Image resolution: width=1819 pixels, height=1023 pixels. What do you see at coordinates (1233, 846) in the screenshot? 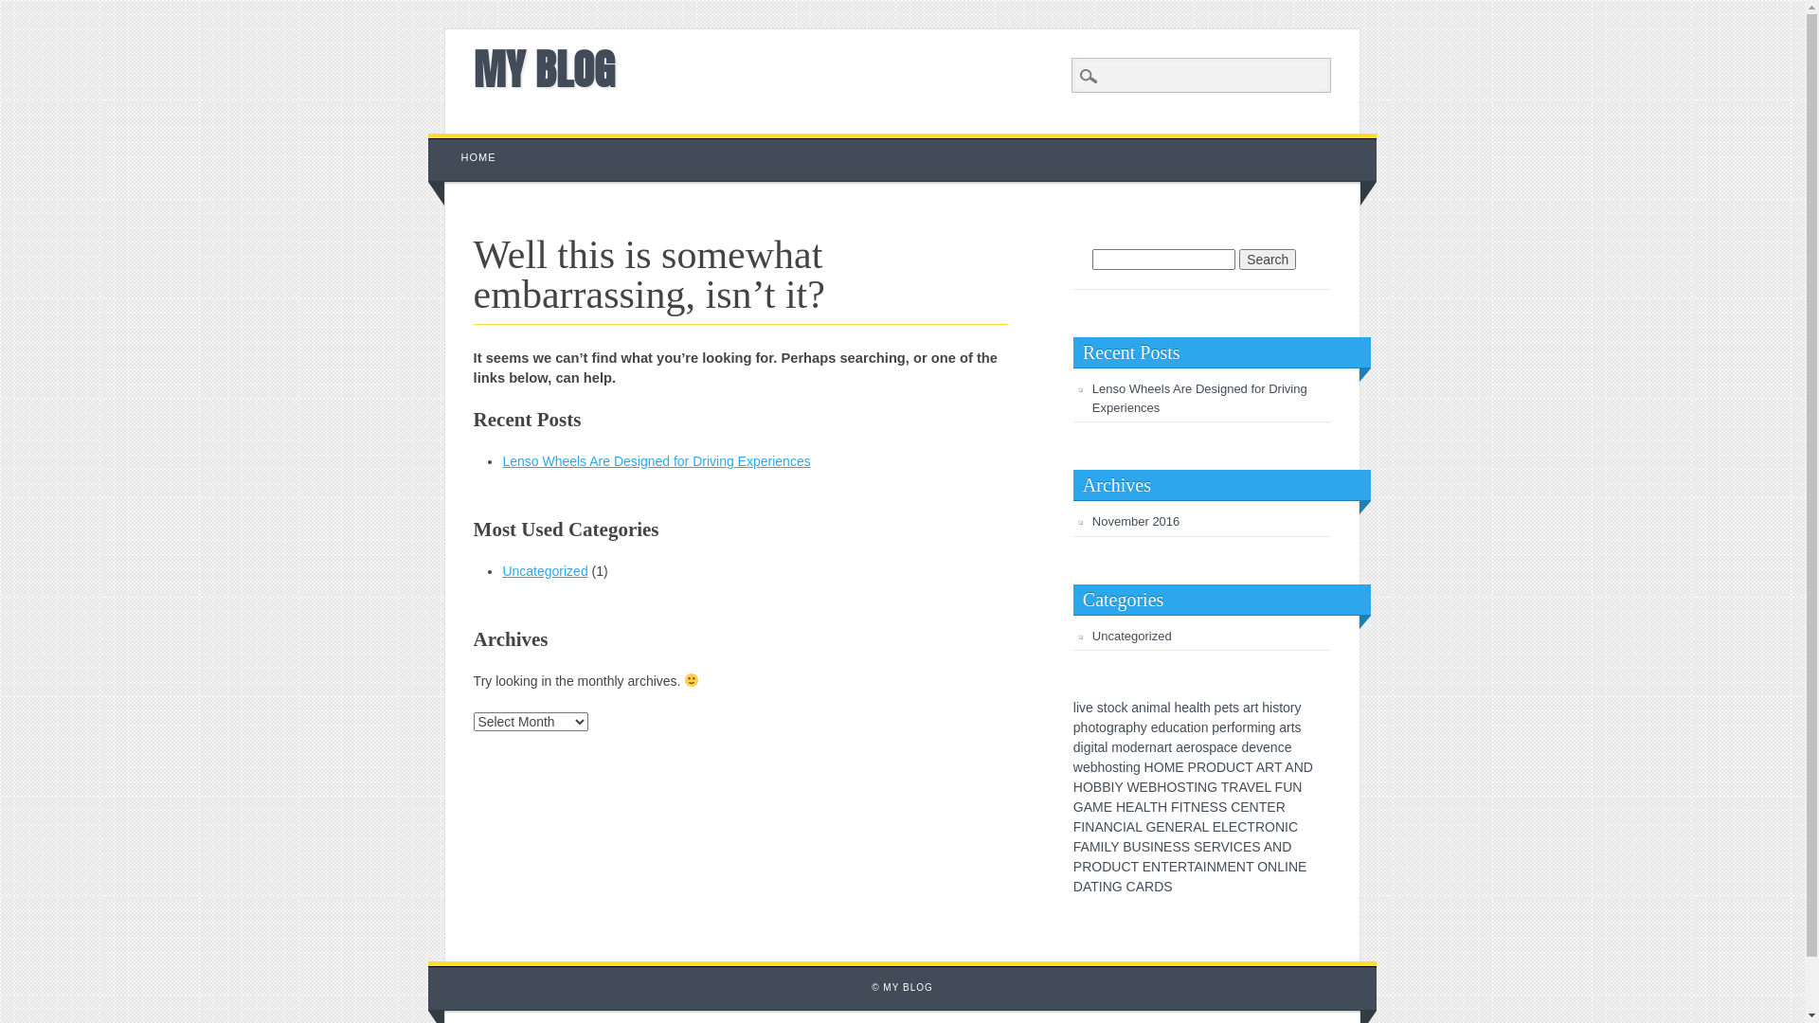
I see `'C'` at bounding box center [1233, 846].